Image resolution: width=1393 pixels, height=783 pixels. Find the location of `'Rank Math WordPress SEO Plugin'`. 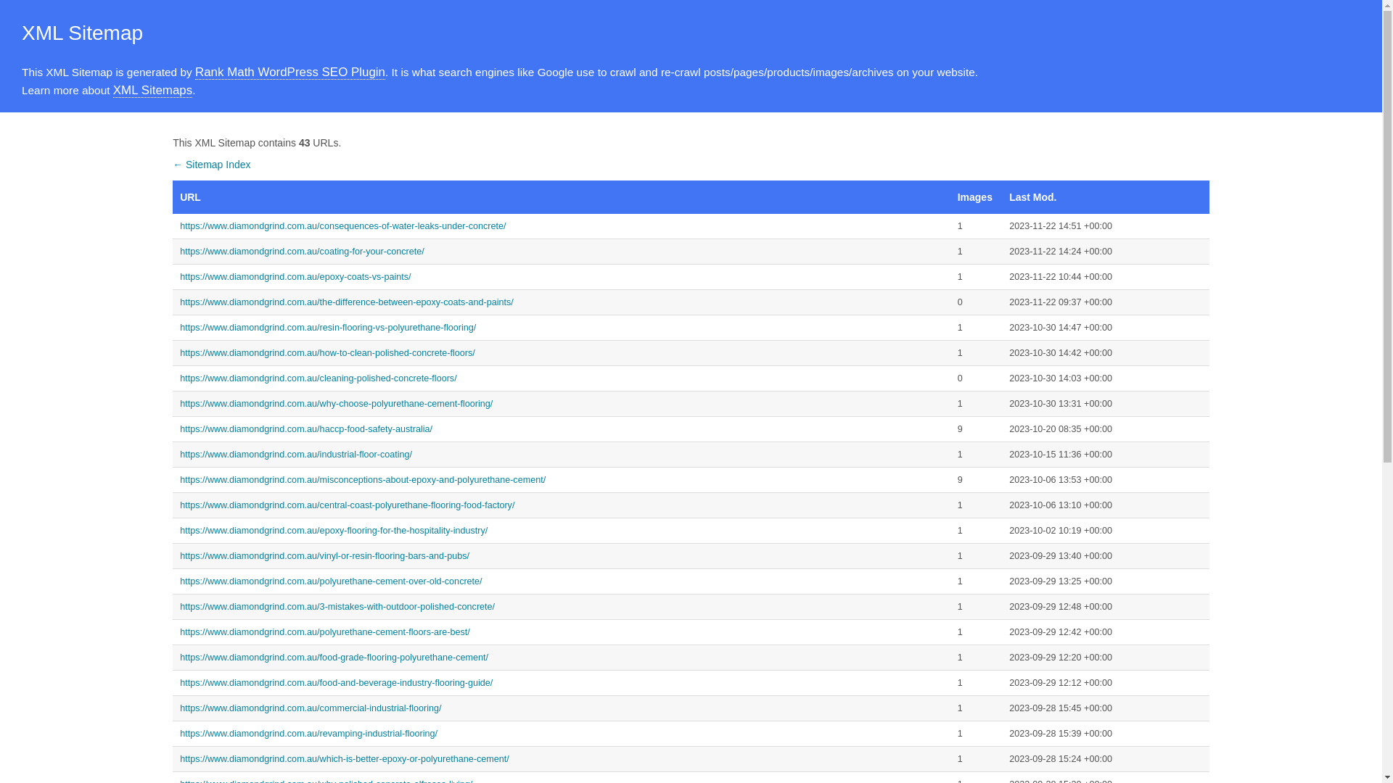

'Rank Math WordPress SEO Plugin' is located at coordinates (289, 72).